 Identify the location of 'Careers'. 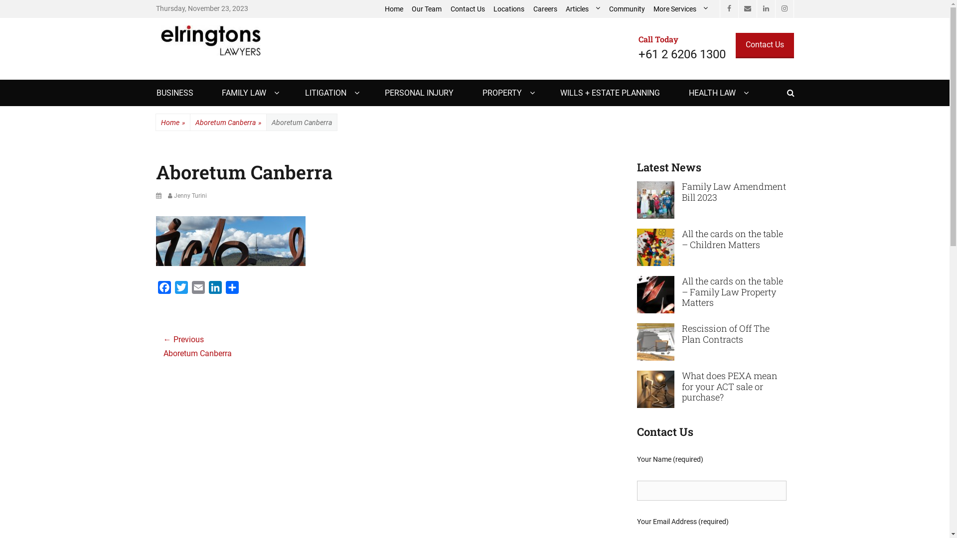
(528, 9).